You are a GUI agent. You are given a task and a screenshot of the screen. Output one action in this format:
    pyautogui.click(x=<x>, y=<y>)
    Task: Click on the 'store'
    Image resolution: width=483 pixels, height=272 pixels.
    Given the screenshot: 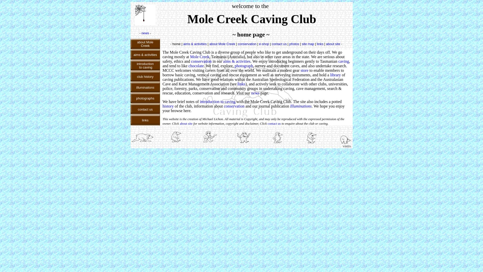 What is the action you would take?
    pyautogui.click(x=304, y=70)
    